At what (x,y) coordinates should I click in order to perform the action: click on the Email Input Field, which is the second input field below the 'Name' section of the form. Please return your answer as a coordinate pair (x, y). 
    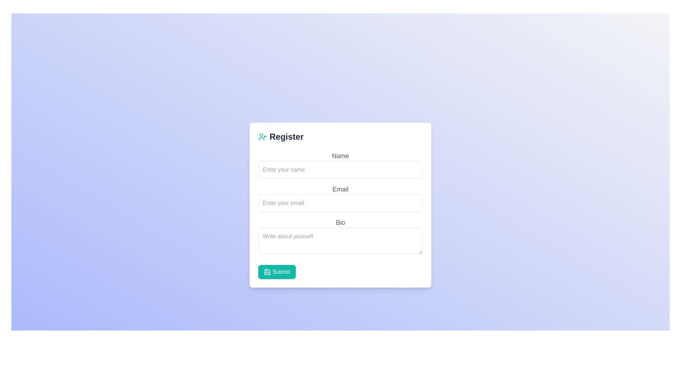
    Looking at the image, I should click on (340, 198).